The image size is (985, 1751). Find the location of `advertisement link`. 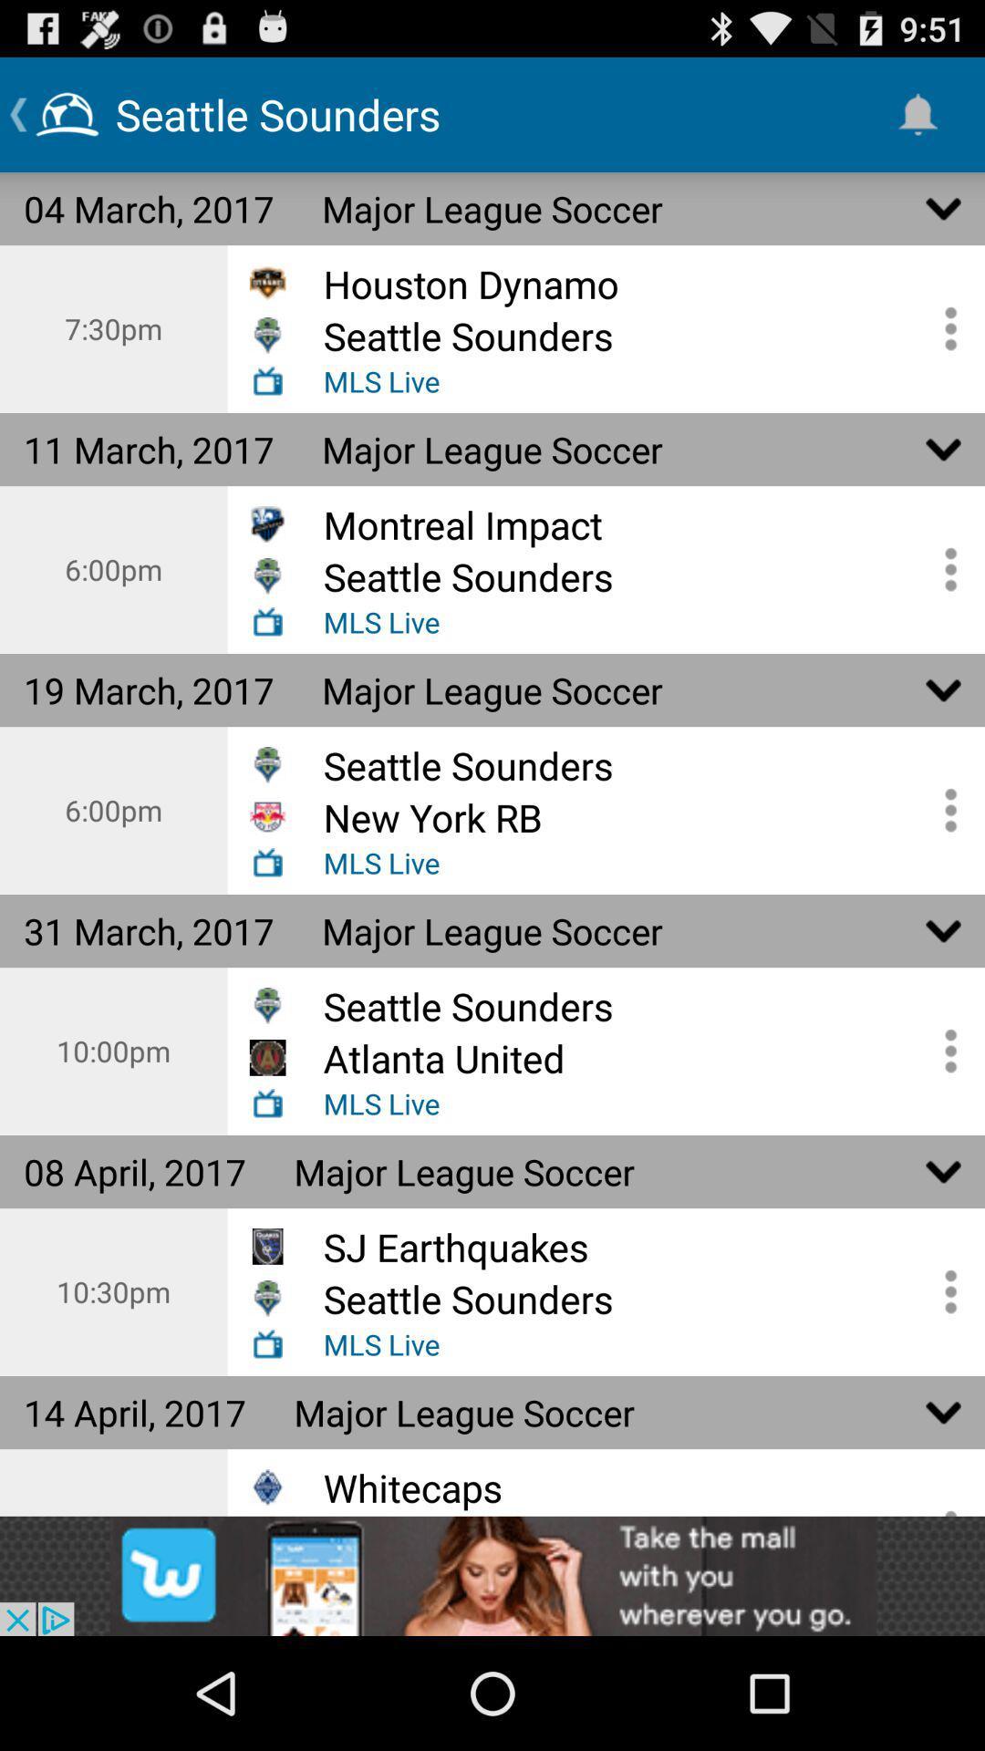

advertisement link is located at coordinates (493, 1575).